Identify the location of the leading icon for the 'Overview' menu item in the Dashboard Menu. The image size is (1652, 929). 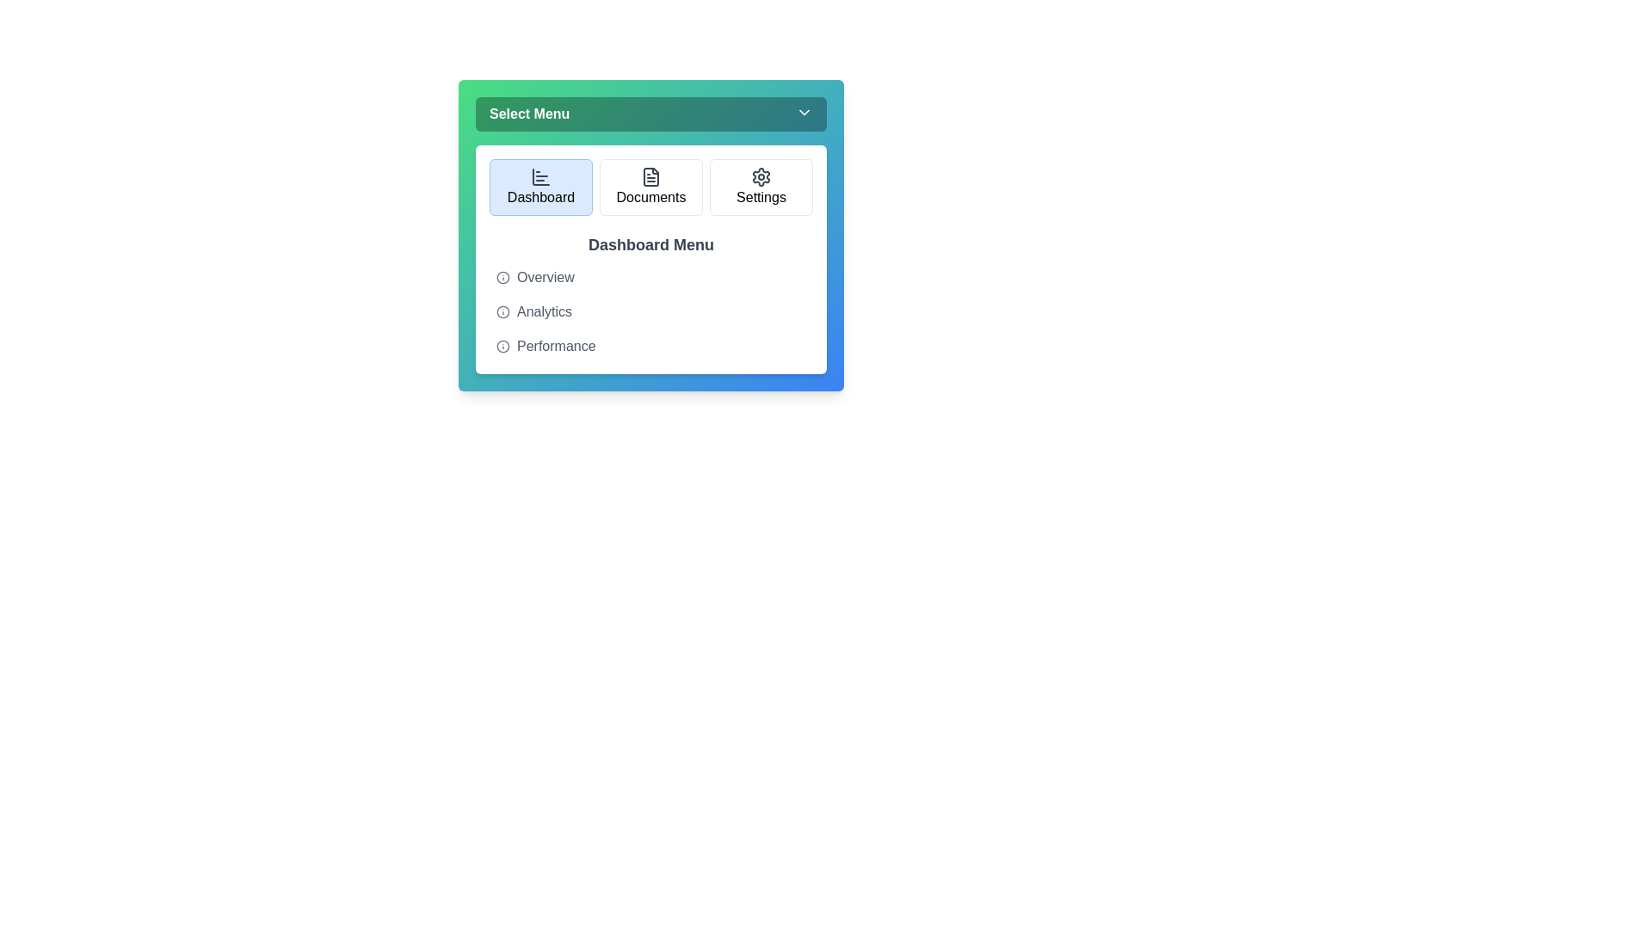
(502, 277).